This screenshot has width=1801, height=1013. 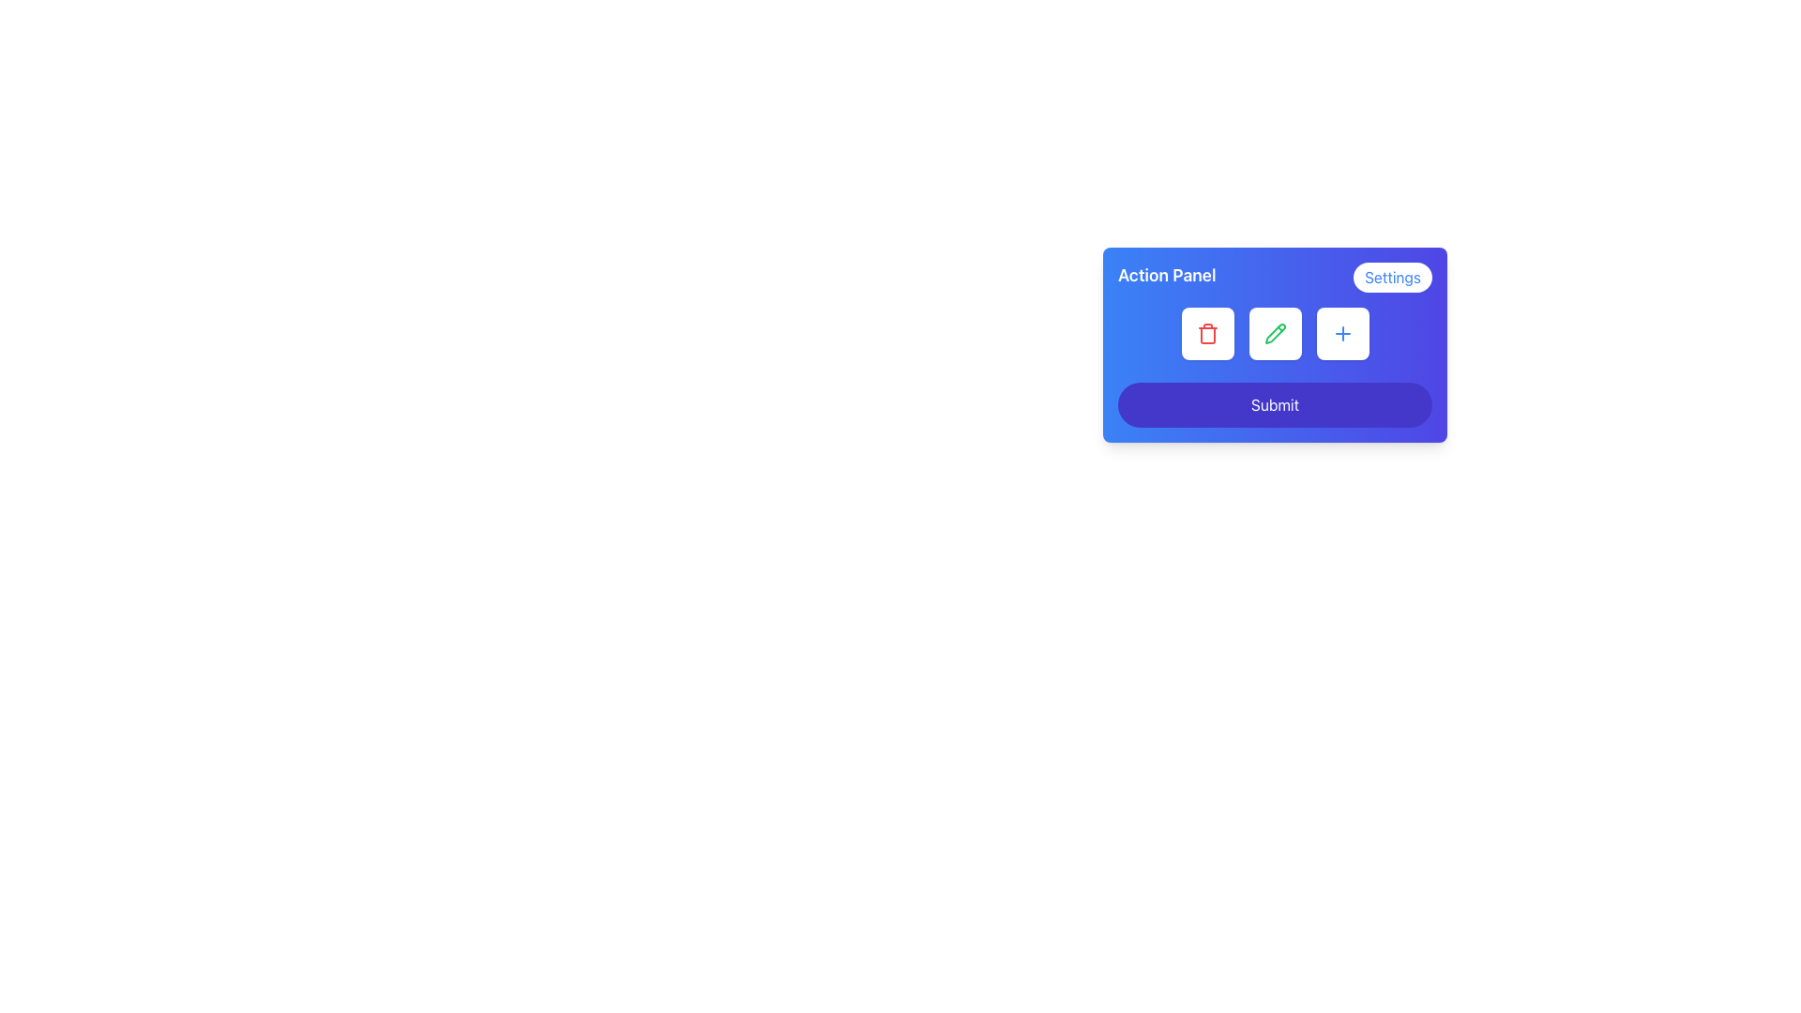 What do you see at coordinates (1341, 332) in the screenshot?
I see `the plus symbol button, which is a blue icon centered inside a white square with rounded corners, located in the third position of a row of three icons within the blue action panel` at bounding box center [1341, 332].